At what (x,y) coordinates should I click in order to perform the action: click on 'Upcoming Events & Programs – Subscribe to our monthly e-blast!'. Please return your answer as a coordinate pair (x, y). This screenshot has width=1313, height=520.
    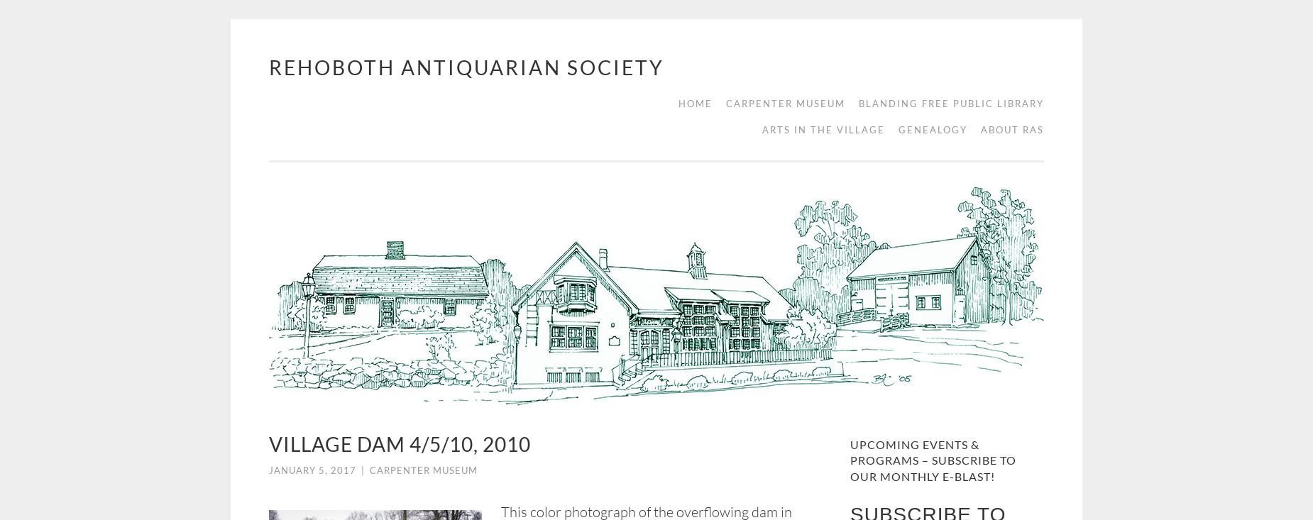
    Looking at the image, I should click on (932, 459).